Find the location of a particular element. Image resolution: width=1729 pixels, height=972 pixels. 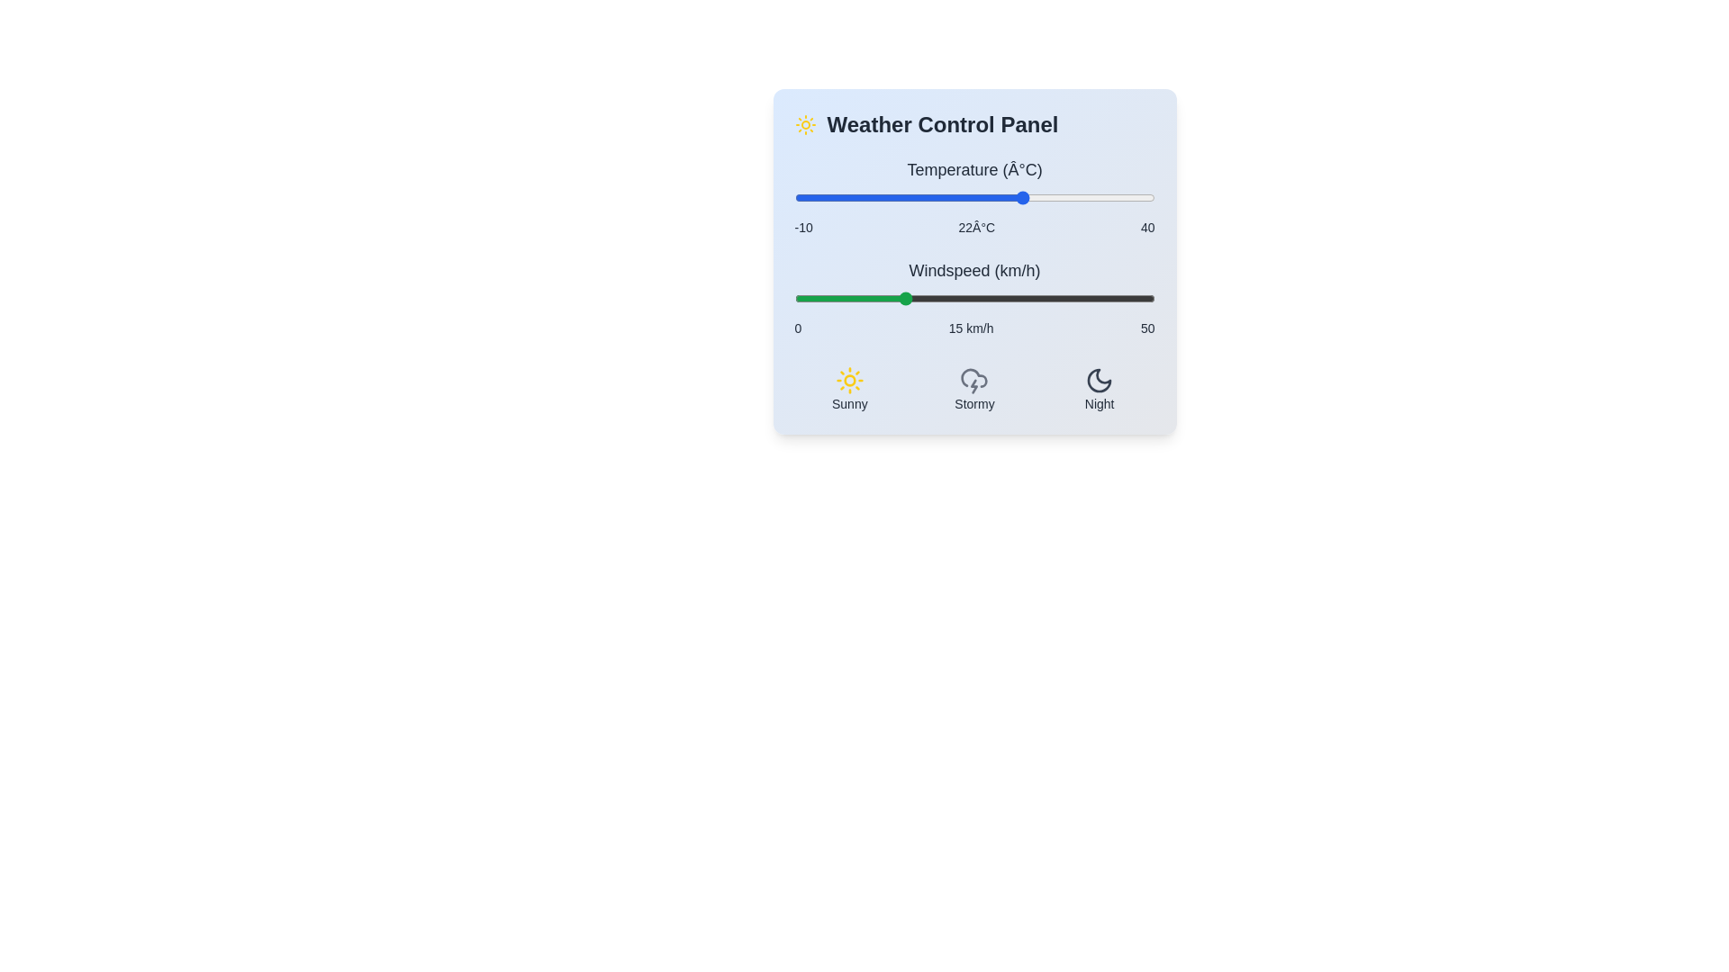

the storm icon labeled 'Stormy', which is the second element in the Weather Control Panel, situated between 'Sunny' and 'Night' is located at coordinates (973, 388).